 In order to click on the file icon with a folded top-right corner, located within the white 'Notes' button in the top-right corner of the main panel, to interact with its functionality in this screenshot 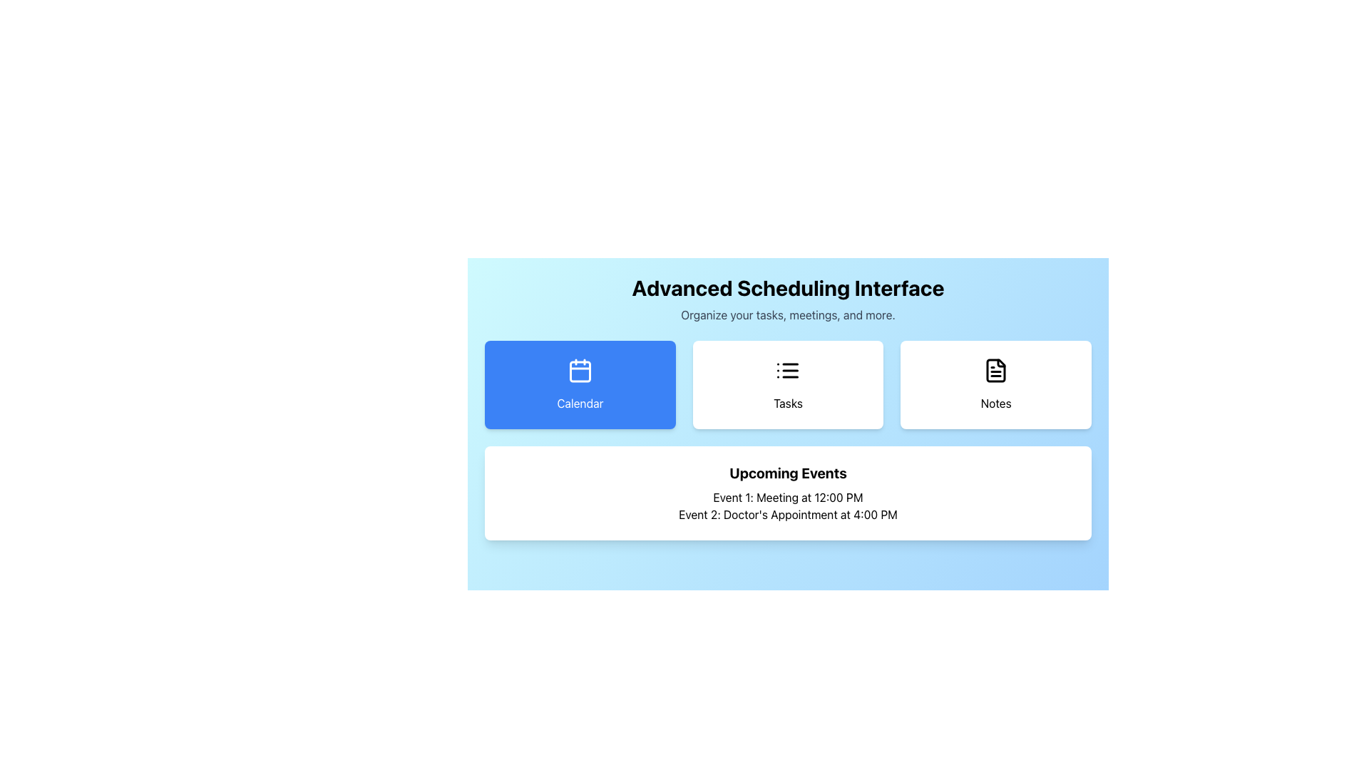, I will do `click(995, 370)`.